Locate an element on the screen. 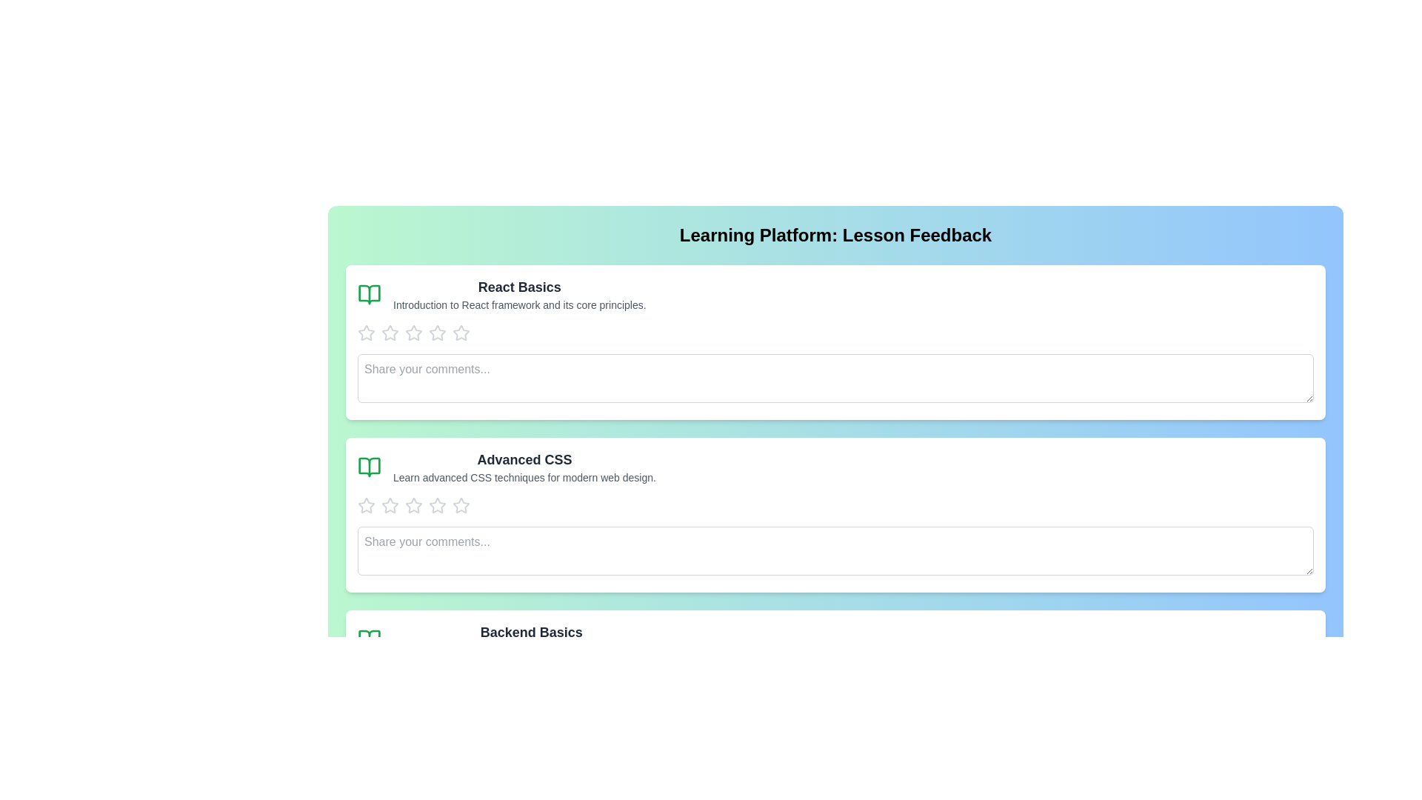  the bold text label 'React Basics' is located at coordinates (519, 287).